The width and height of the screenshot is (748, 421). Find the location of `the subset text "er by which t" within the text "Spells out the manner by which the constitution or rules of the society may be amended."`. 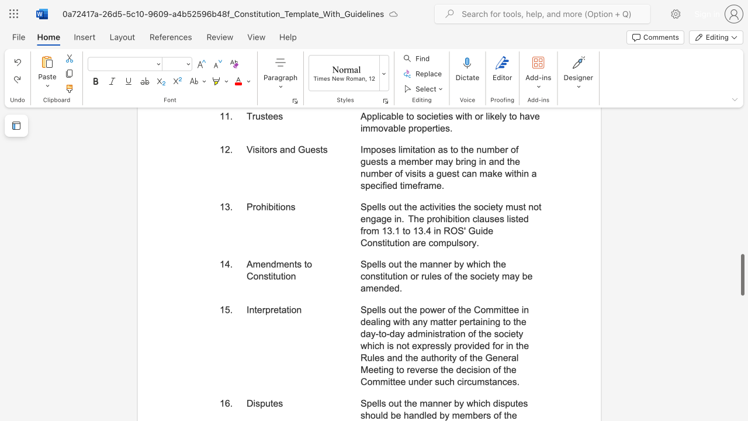

the subset text "er by which t" within the text "Spells out the manner by which the constitution or rules of the society may be amended." is located at coordinates (442, 264).